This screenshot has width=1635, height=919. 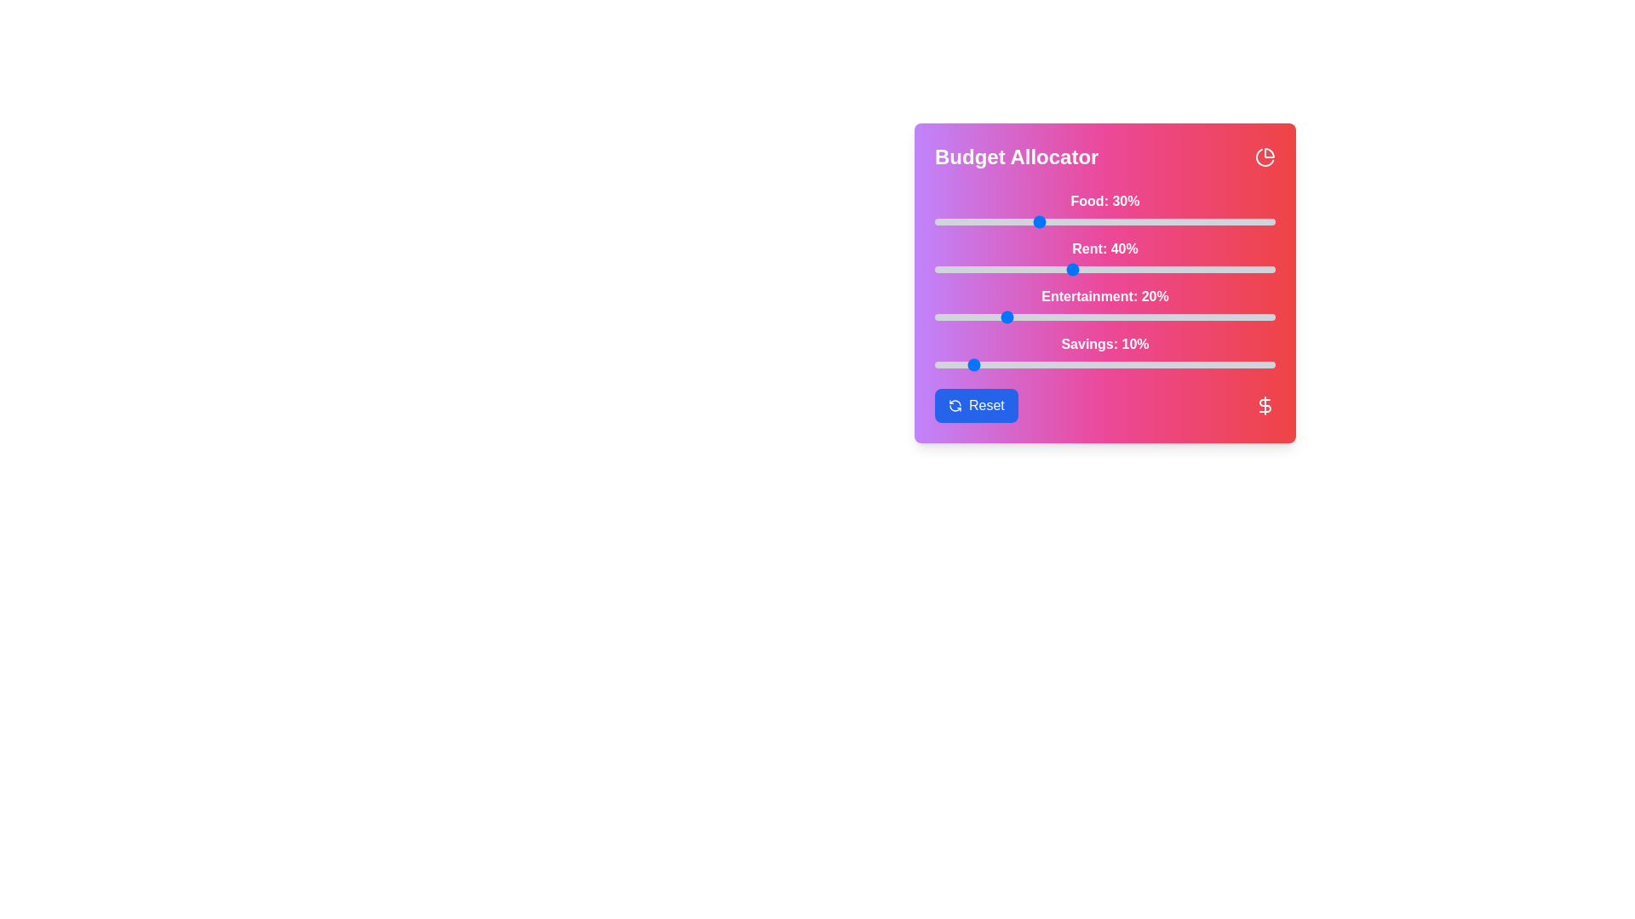 I want to click on the entertainment budget, so click(x=1013, y=317).